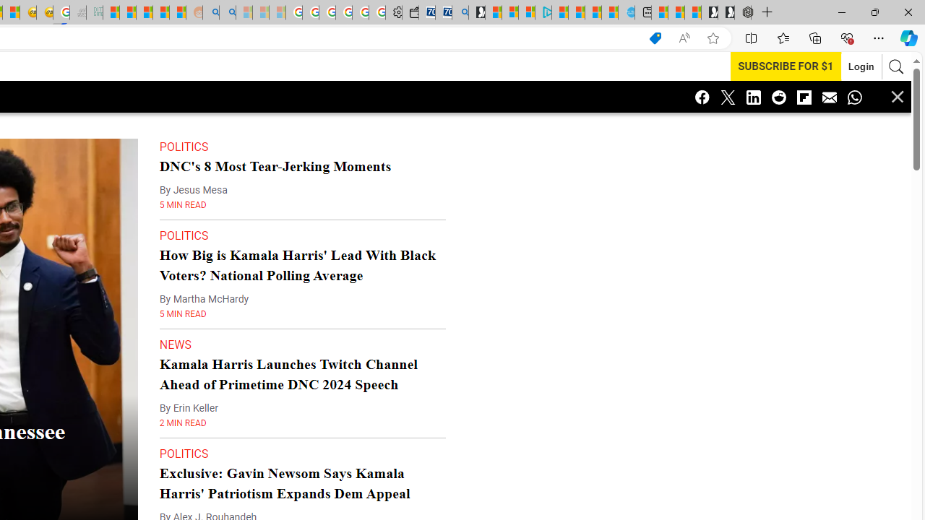  What do you see at coordinates (702, 96) in the screenshot?
I see `'Class: icon-facebook'` at bounding box center [702, 96].